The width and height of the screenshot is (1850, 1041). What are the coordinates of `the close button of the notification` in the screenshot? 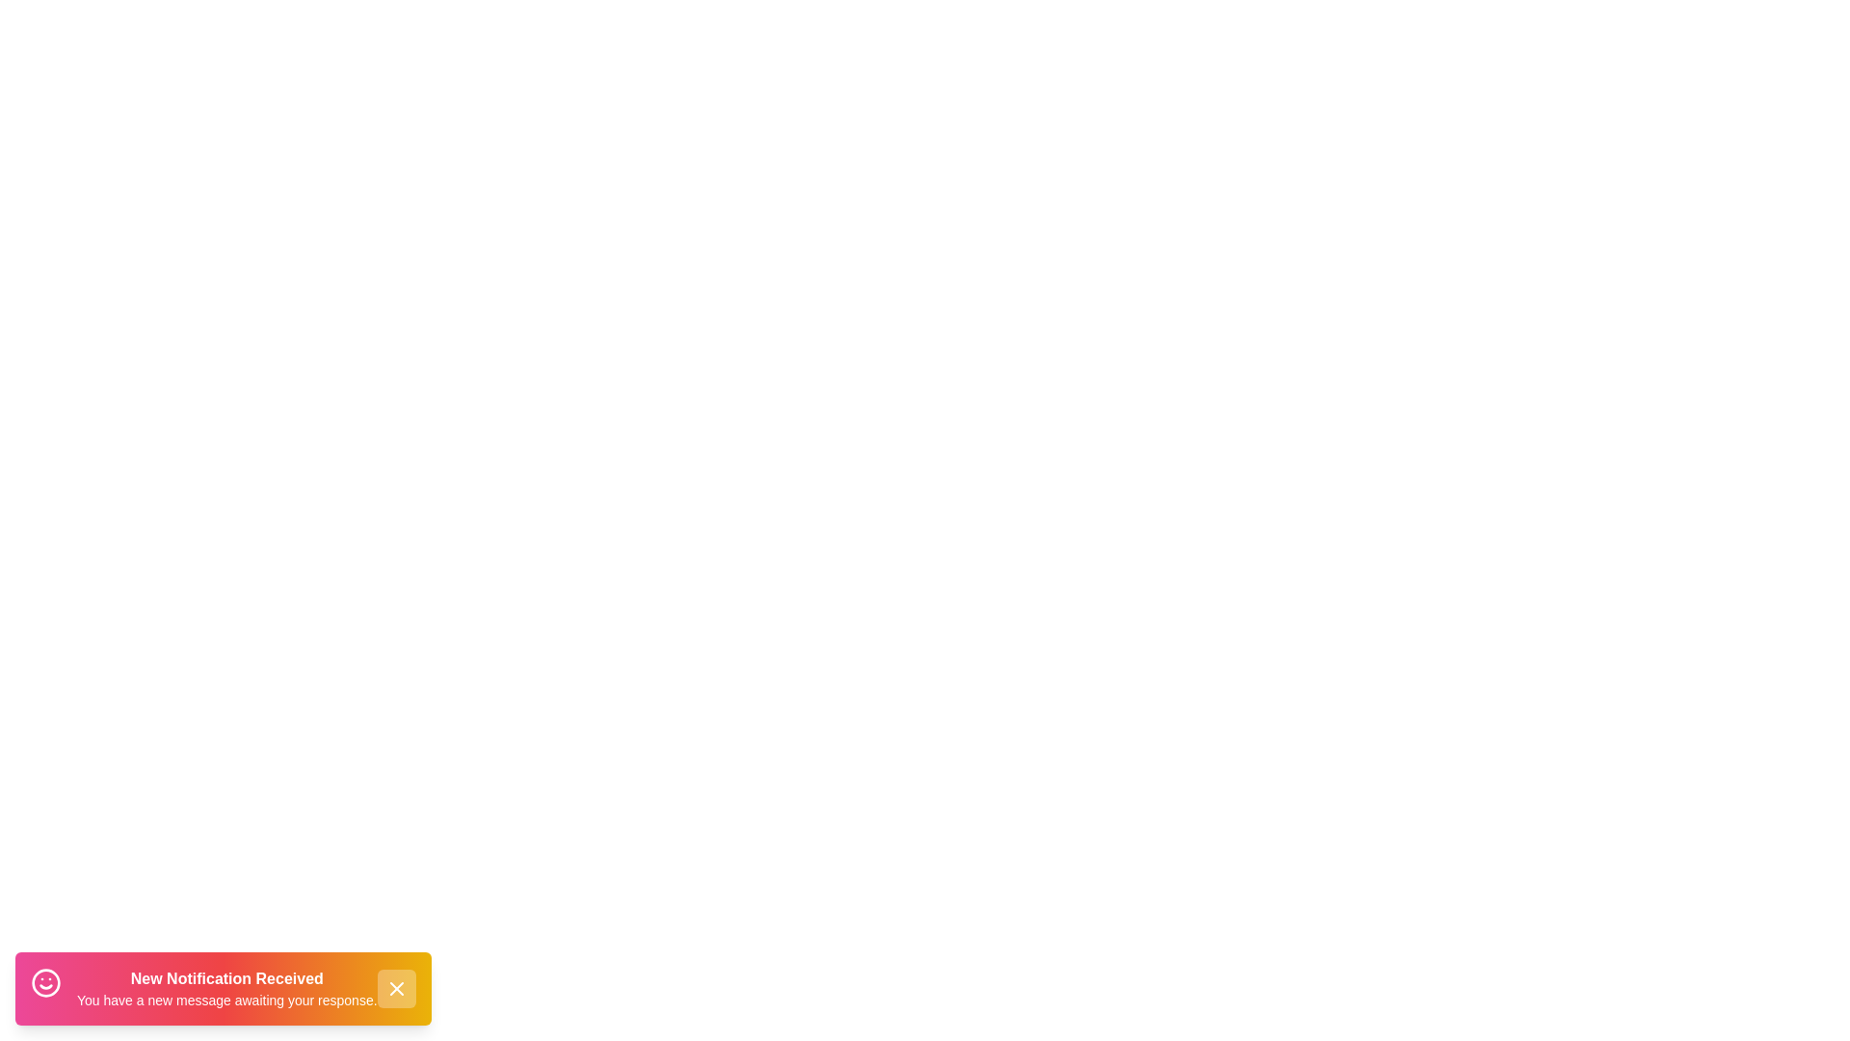 It's located at (395, 989).